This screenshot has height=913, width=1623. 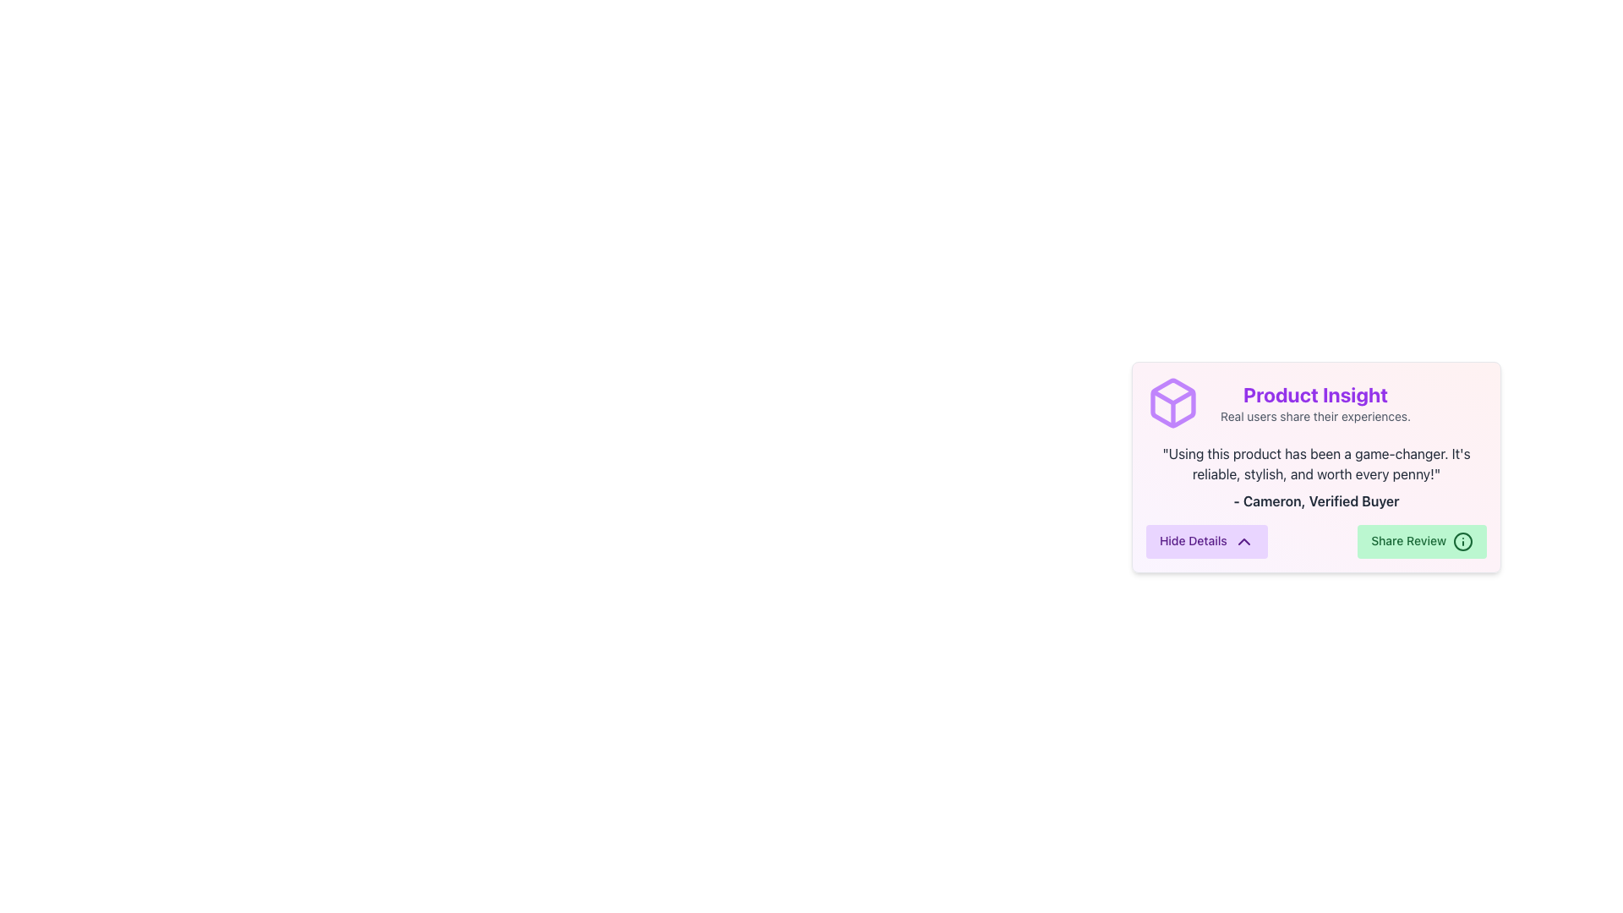 I want to click on Header Component featuring a purple icon and the text 'Product Insight' with the description 'Real users share their experiences.', so click(x=1315, y=403).